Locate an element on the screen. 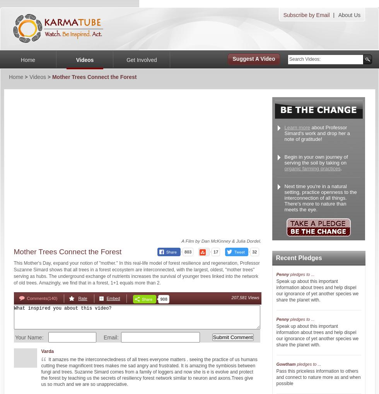 This screenshot has height=394, width=379. 'Your Name:' is located at coordinates (28, 337).